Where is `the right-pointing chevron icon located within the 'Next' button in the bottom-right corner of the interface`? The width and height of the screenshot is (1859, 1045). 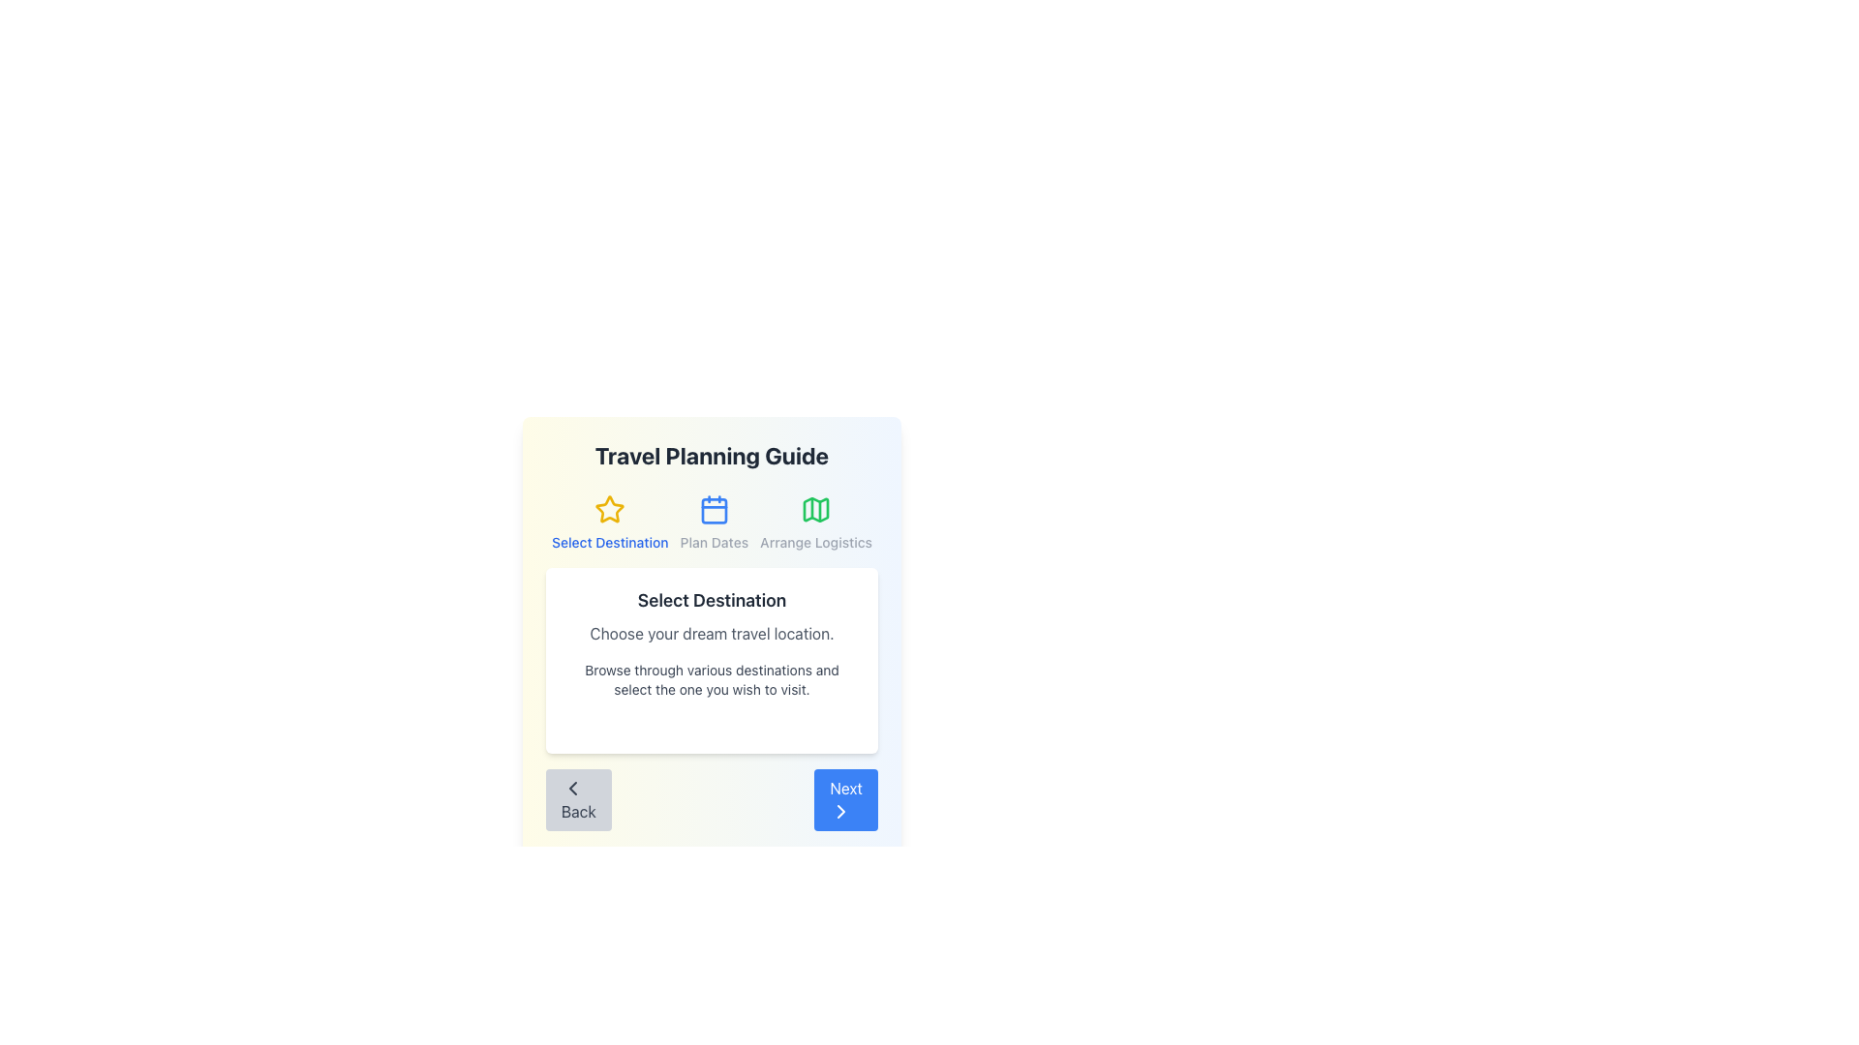 the right-pointing chevron icon located within the 'Next' button in the bottom-right corner of the interface is located at coordinates (841, 812).